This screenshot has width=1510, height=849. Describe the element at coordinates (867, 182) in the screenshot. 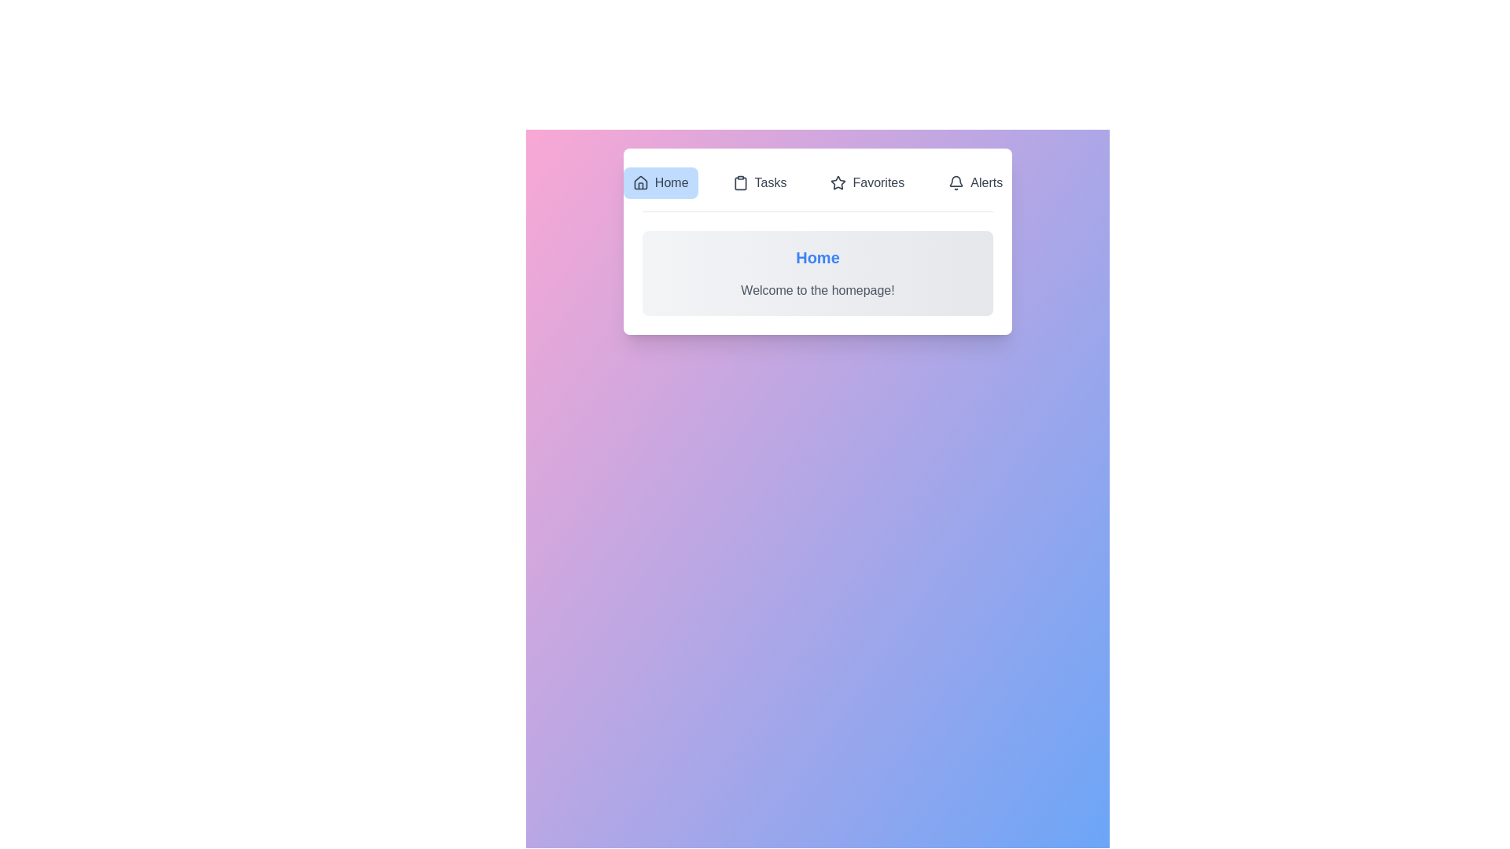

I see `the Favorites tab` at that location.